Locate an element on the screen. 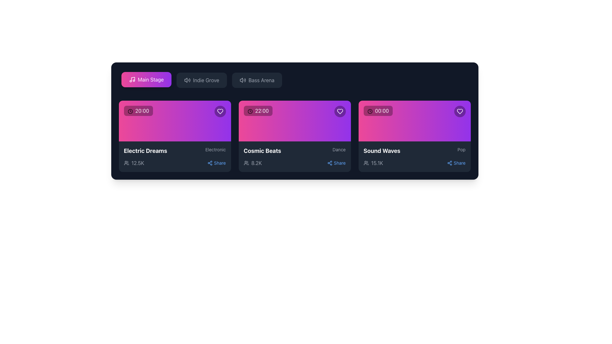 Image resolution: width=612 pixels, height=344 pixels. the 'Share' text label in blue color located in the bottom-right corner of the 'Sound Waves' event card is located at coordinates (459, 163).